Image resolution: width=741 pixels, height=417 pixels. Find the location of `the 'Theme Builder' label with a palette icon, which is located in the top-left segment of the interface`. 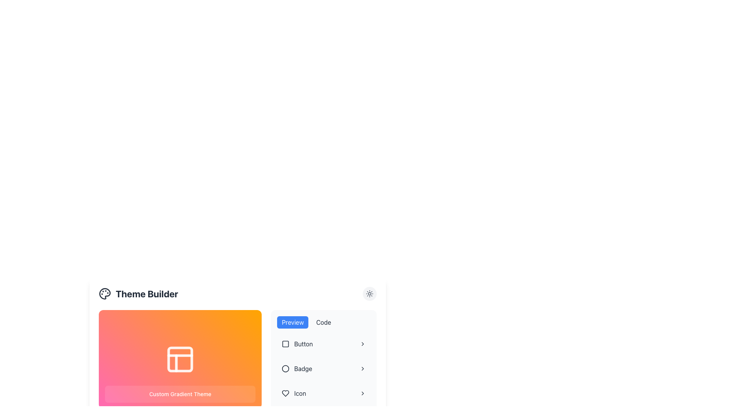

the 'Theme Builder' label with a palette icon, which is located in the top-left segment of the interface is located at coordinates (138, 293).